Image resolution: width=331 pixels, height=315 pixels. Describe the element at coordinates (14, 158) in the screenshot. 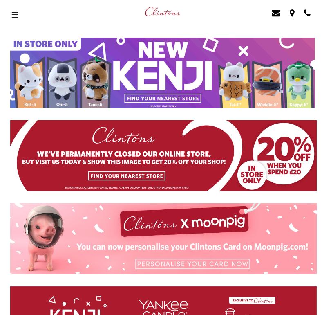

I see `'Trustpilot'` at that location.